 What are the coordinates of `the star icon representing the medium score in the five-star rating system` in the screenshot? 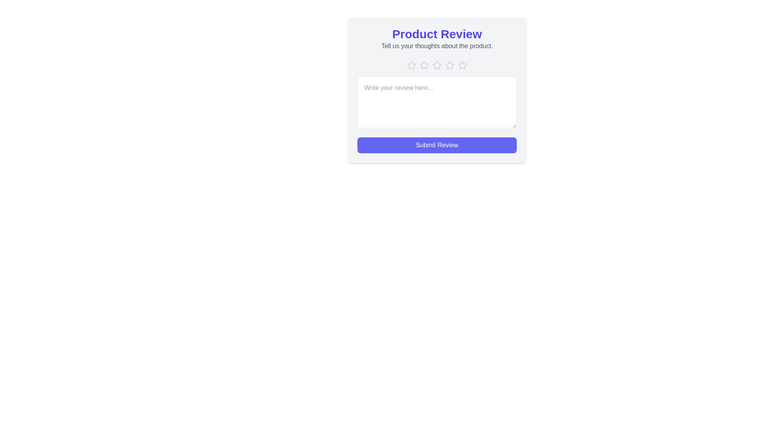 It's located at (449, 65).